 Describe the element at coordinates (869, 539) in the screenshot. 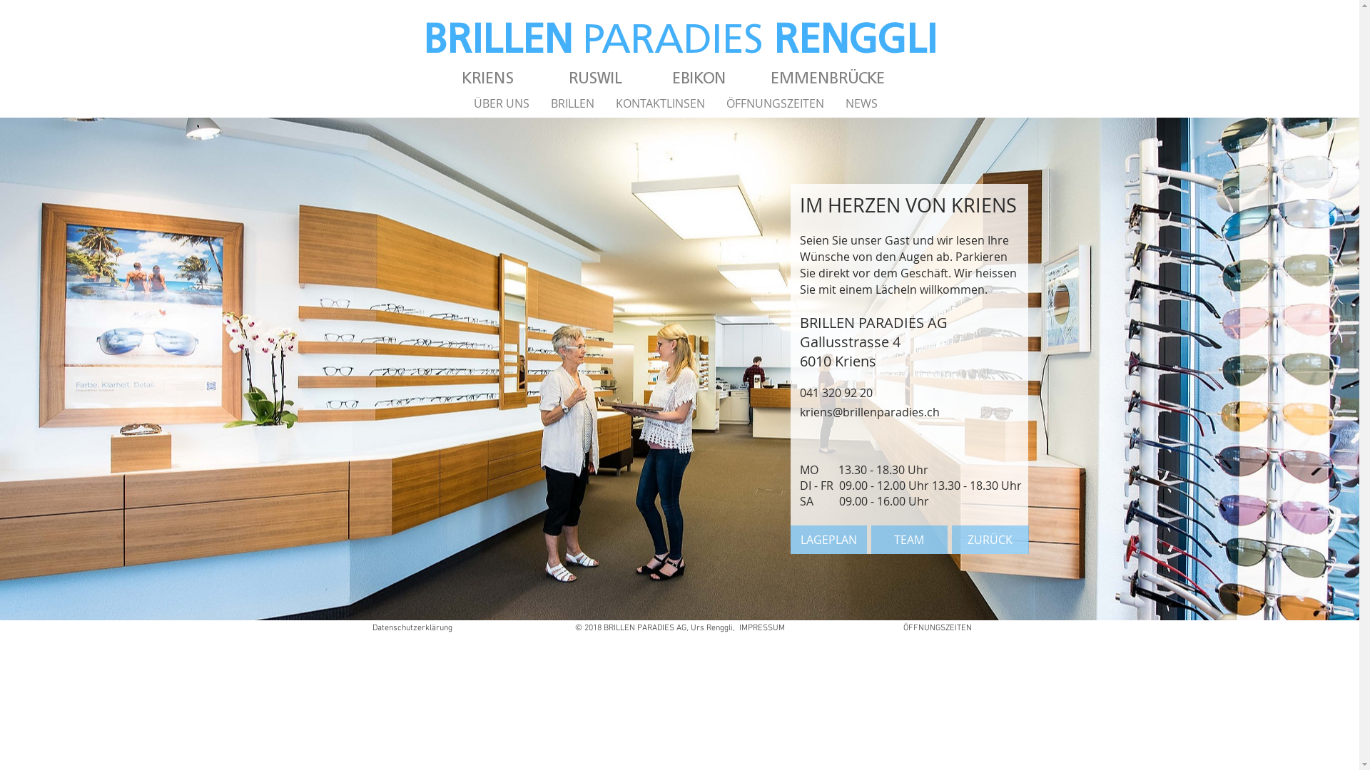

I see `'TEAM'` at that location.